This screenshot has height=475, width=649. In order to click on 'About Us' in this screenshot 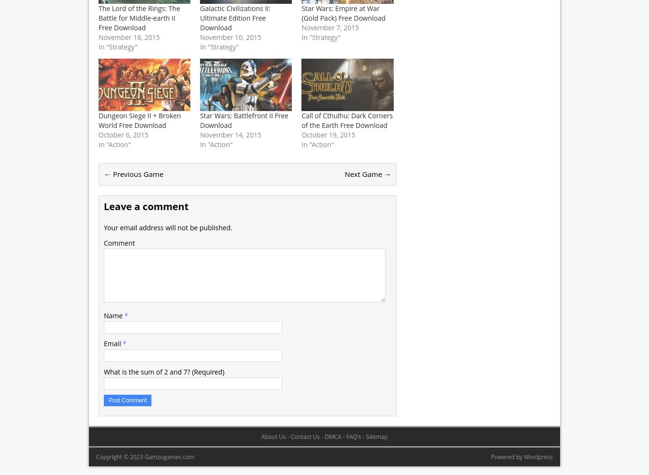, I will do `click(273, 436)`.